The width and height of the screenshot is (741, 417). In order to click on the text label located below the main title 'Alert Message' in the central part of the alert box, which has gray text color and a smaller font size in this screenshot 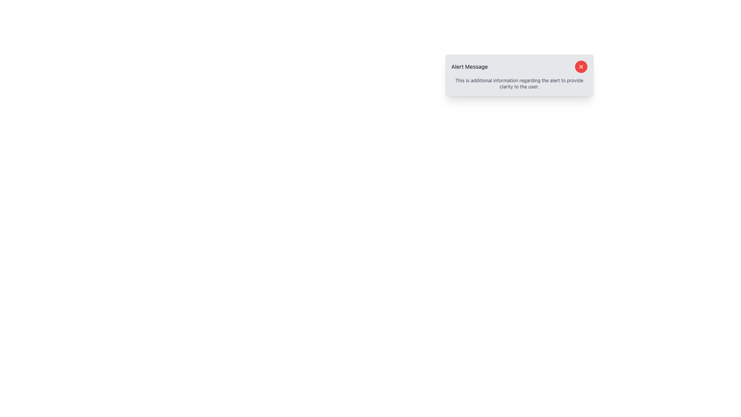, I will do `click(519, 83)`.